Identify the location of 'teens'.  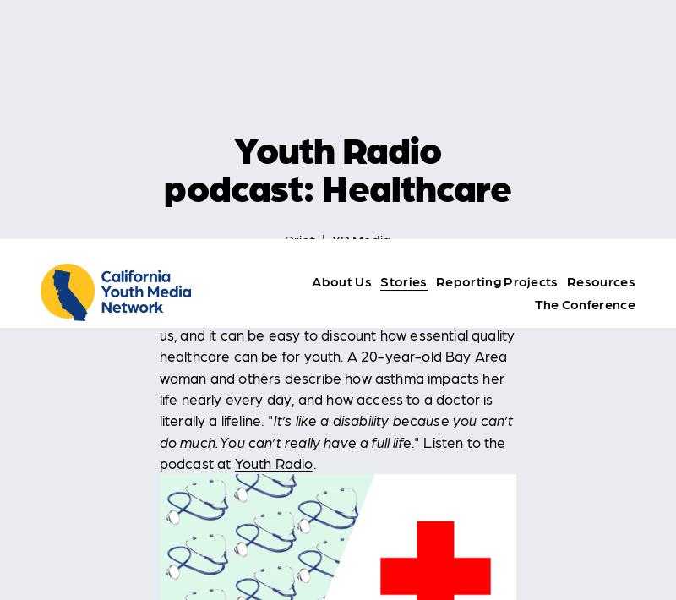
(383, 552).